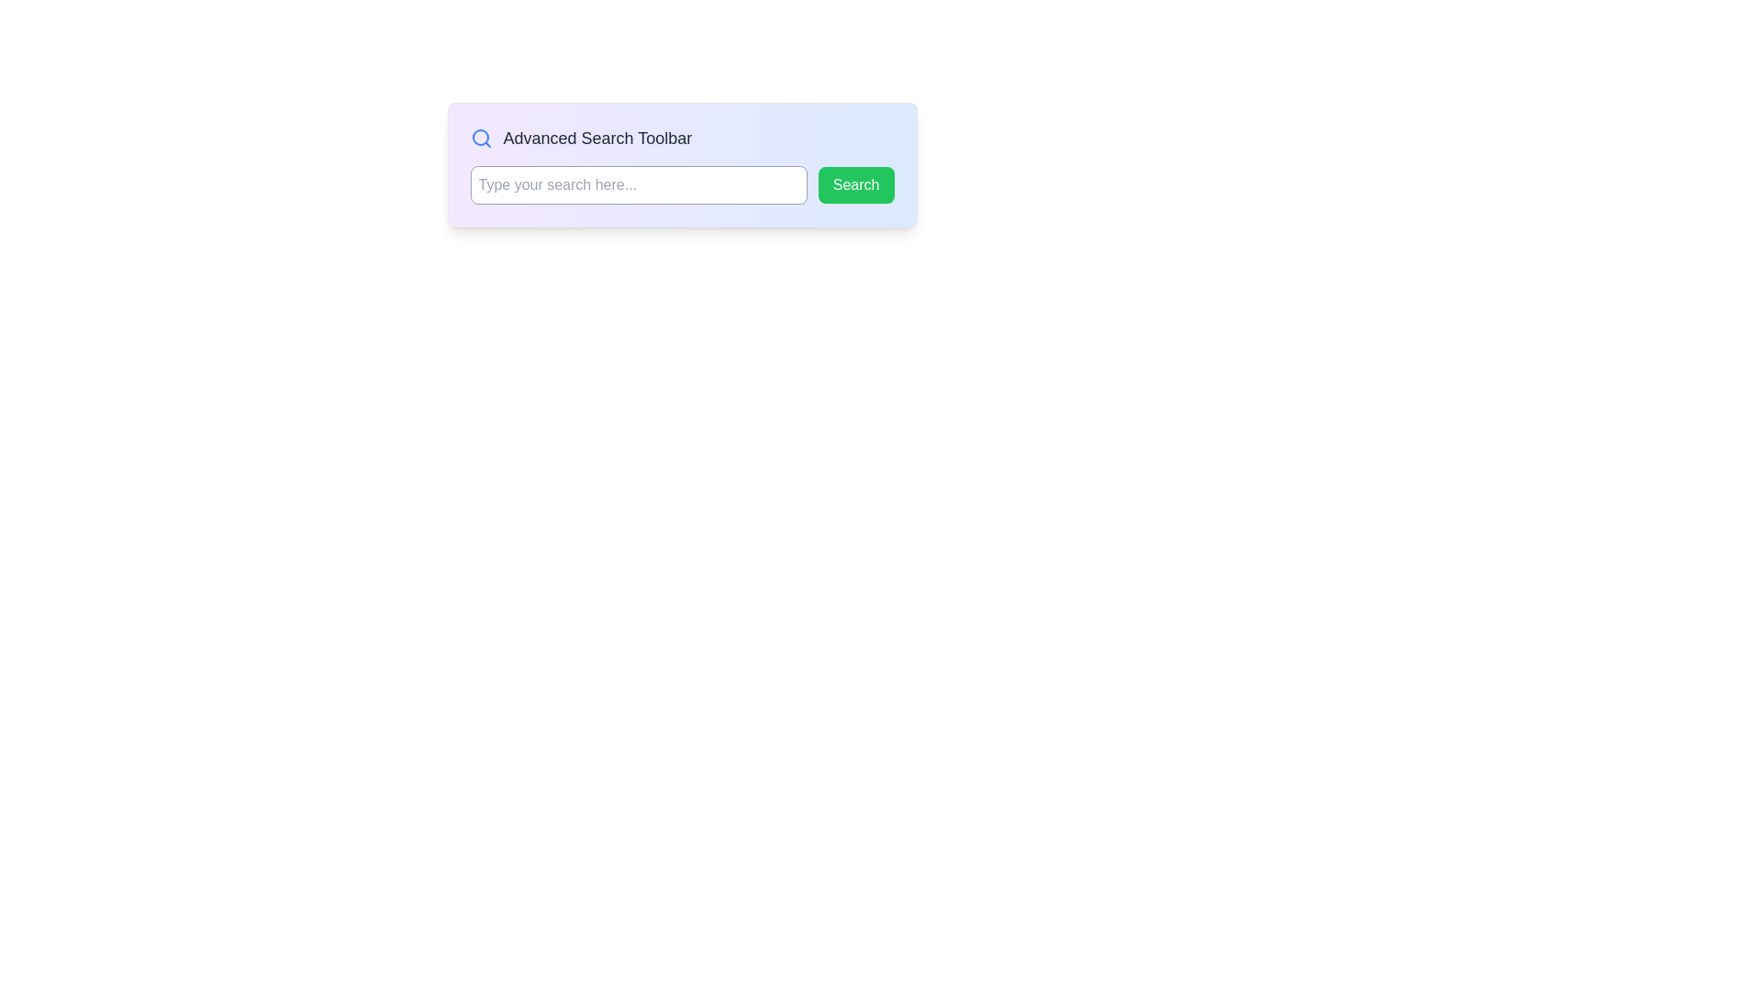 This screenshot has width=1762, height=991. What do you see at coordinates (597, 137) in the screenshot?
I see `the 'Advanced Search Toolbar' text label, which is styled with a large font size and medium weight, located centrally in the toolbar and to the right of a magnifying glass icon` at bounding box center [597, 137].